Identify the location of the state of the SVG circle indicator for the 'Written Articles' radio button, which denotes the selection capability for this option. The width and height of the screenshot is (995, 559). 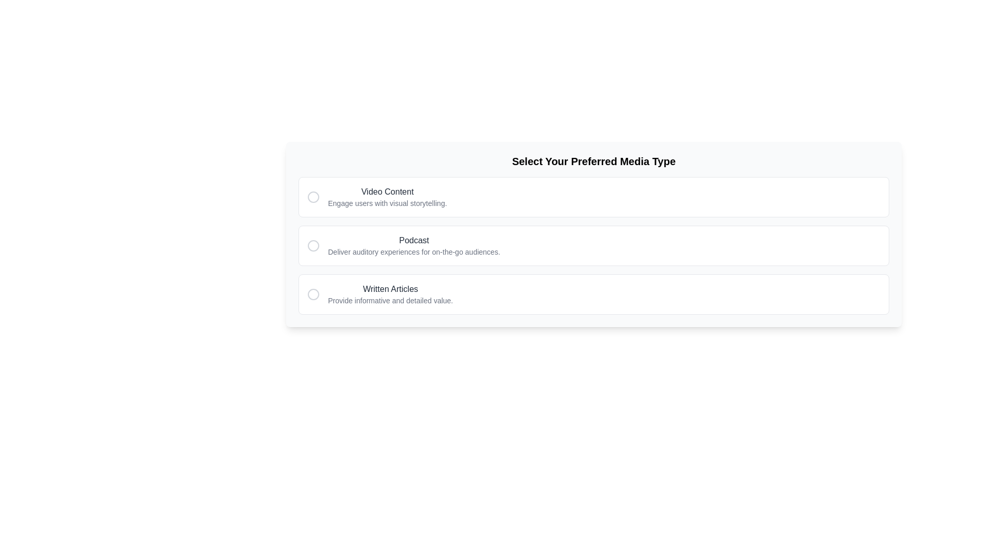
(312, 295).